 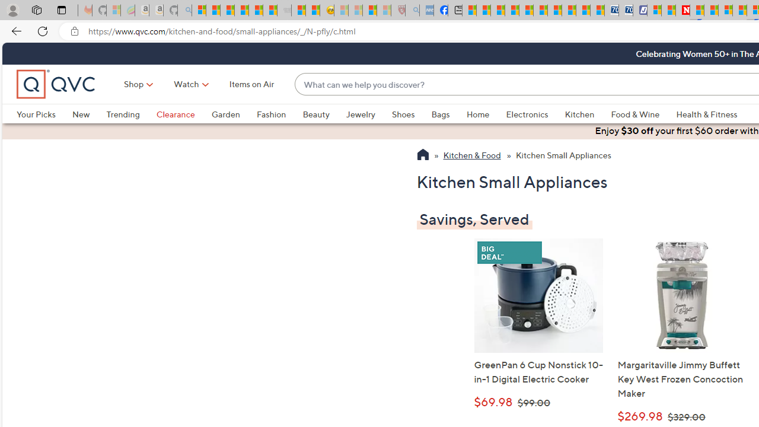 I want to click on 'Kitchen Small Appliances', so click(x=562, y=155).